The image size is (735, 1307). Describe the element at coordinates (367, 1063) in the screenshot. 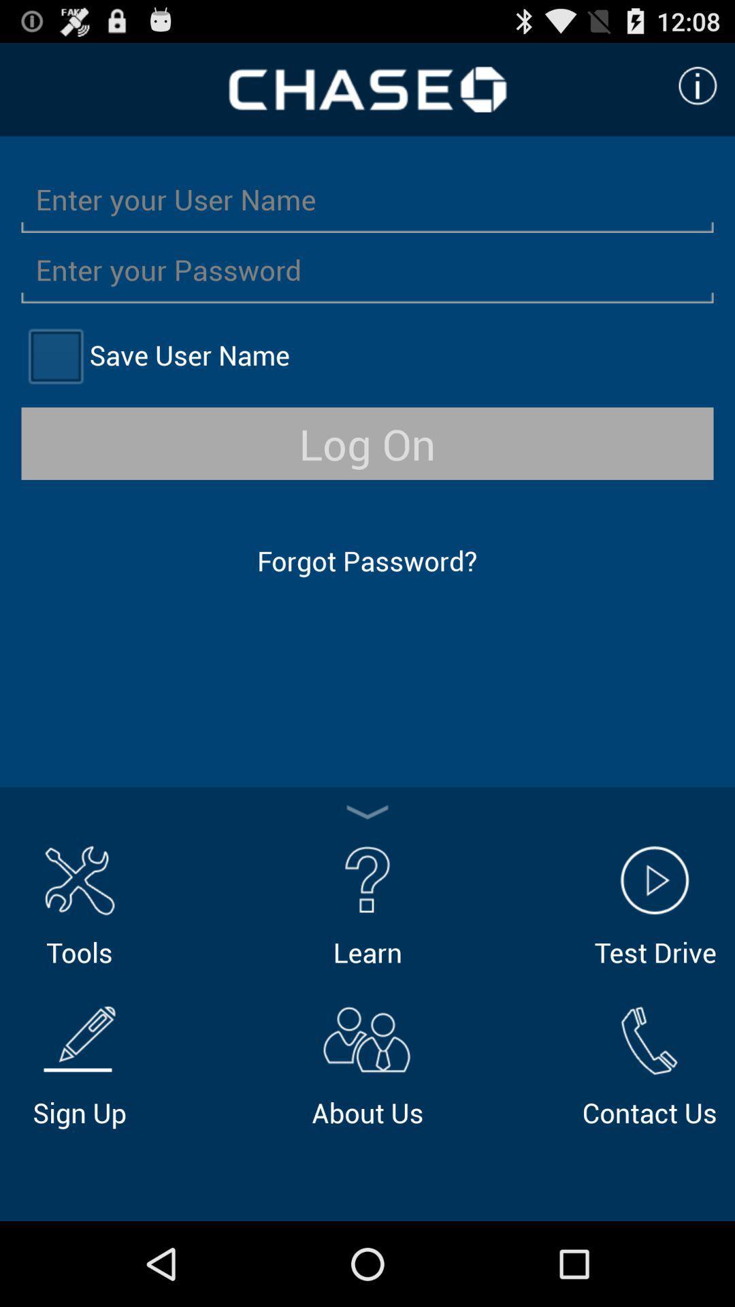

I see `about us icon` at that location.